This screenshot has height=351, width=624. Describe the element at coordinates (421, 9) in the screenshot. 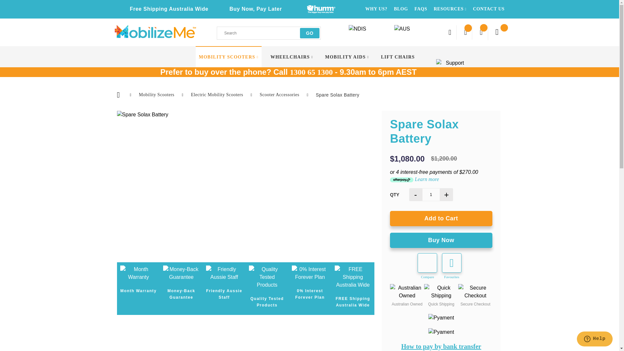

I see `'FAQS'` at that location.